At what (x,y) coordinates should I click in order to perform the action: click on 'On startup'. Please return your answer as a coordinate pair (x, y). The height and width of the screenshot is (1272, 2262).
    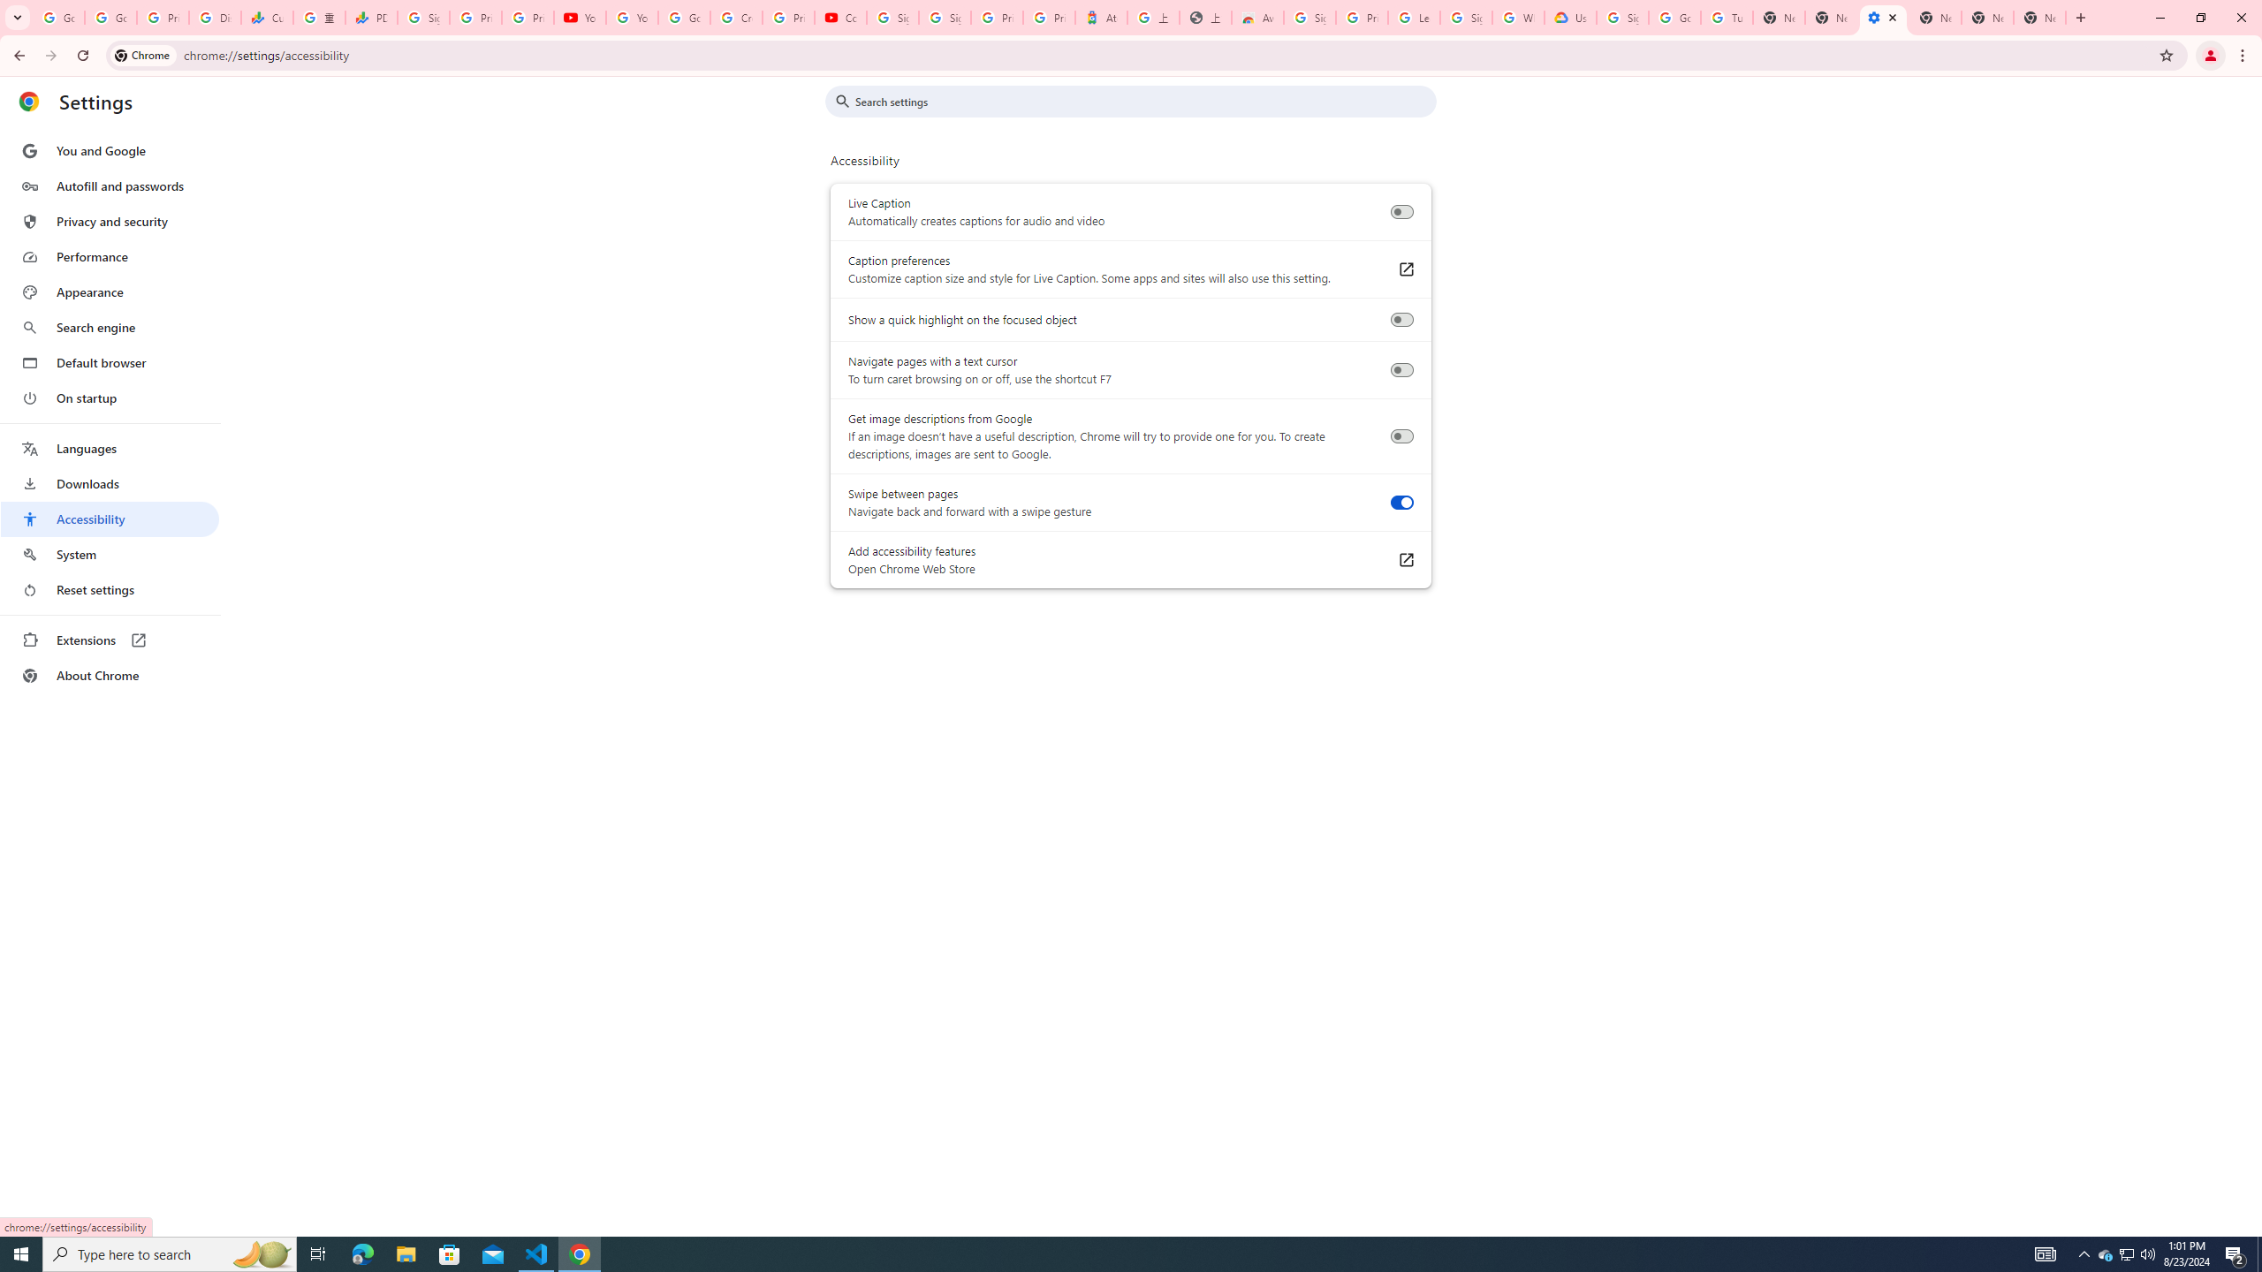
    Looking at the image, I should click on (109, 397).